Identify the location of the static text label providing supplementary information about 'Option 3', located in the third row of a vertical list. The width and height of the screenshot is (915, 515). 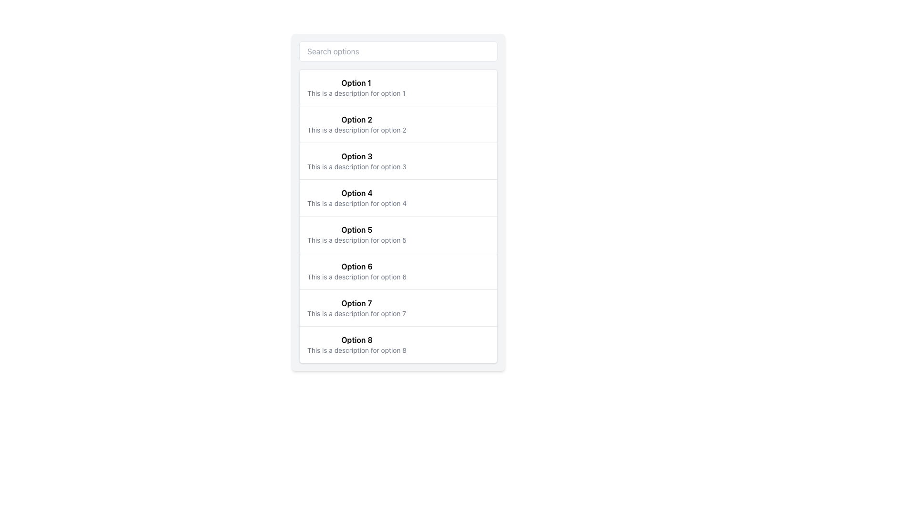
(356, 166).